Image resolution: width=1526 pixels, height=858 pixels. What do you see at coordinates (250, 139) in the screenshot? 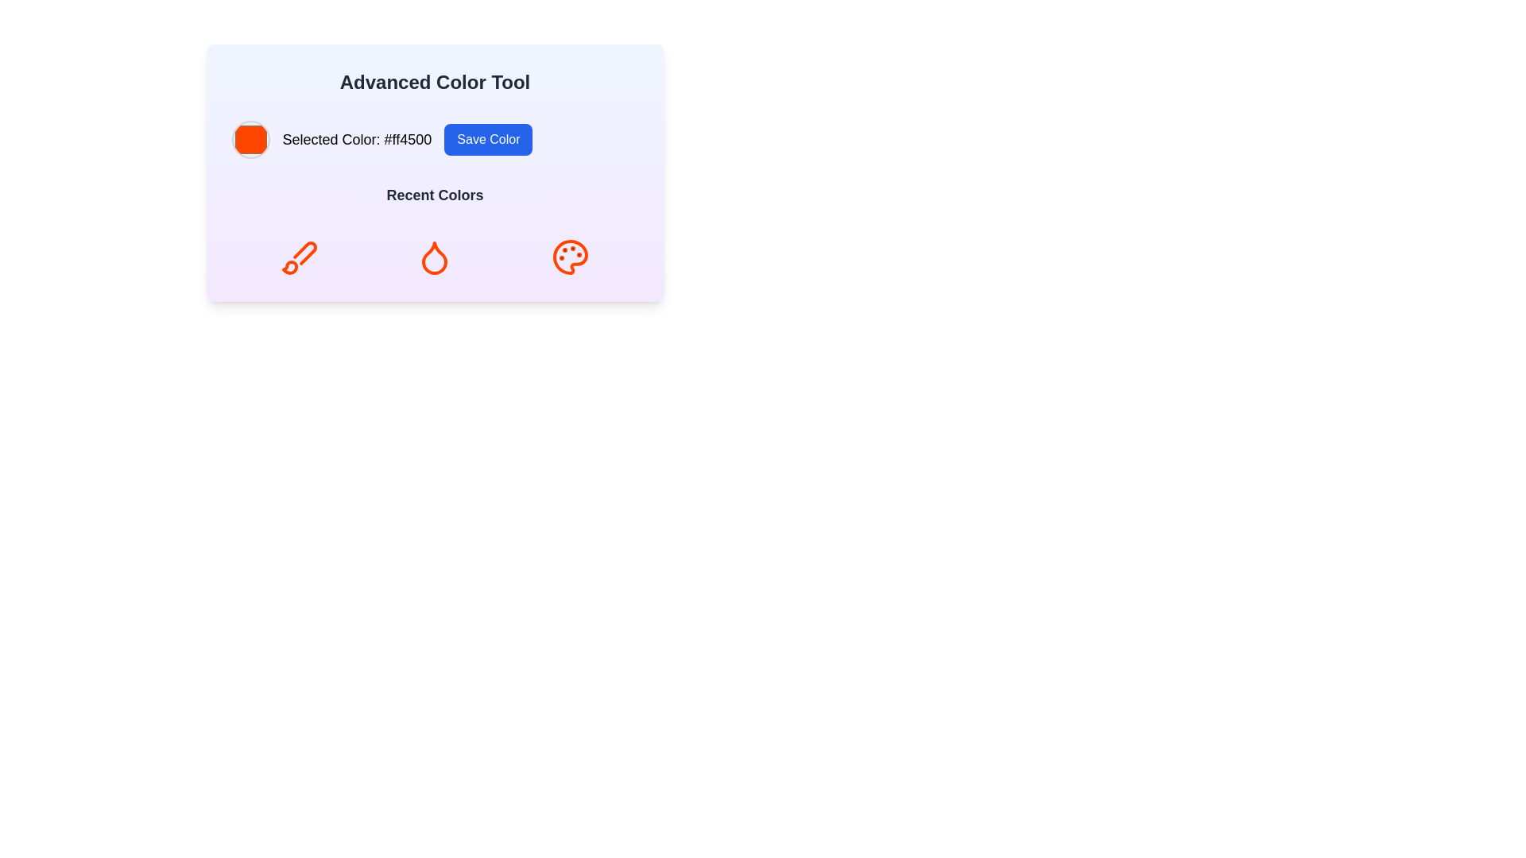
I see `the circular color preview swatch with a bold orange fill and gray border in the 'Selected Color' section of the 'Advanced Color Tool' interface` at bounding box center [250, 139].